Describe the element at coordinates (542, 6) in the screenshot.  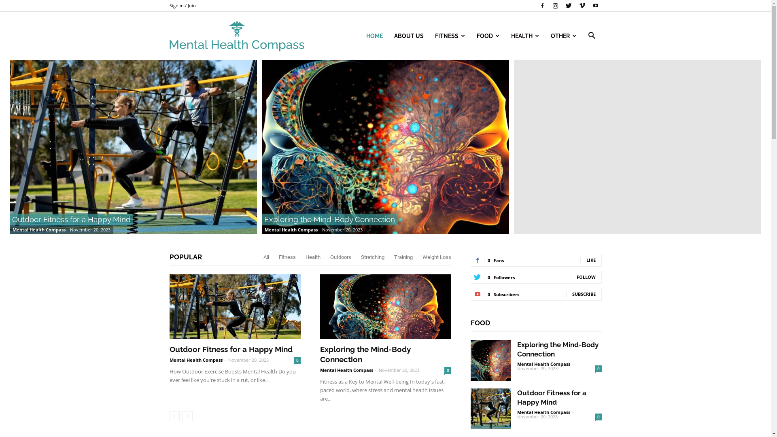
I see `'Facebook'` at that location.